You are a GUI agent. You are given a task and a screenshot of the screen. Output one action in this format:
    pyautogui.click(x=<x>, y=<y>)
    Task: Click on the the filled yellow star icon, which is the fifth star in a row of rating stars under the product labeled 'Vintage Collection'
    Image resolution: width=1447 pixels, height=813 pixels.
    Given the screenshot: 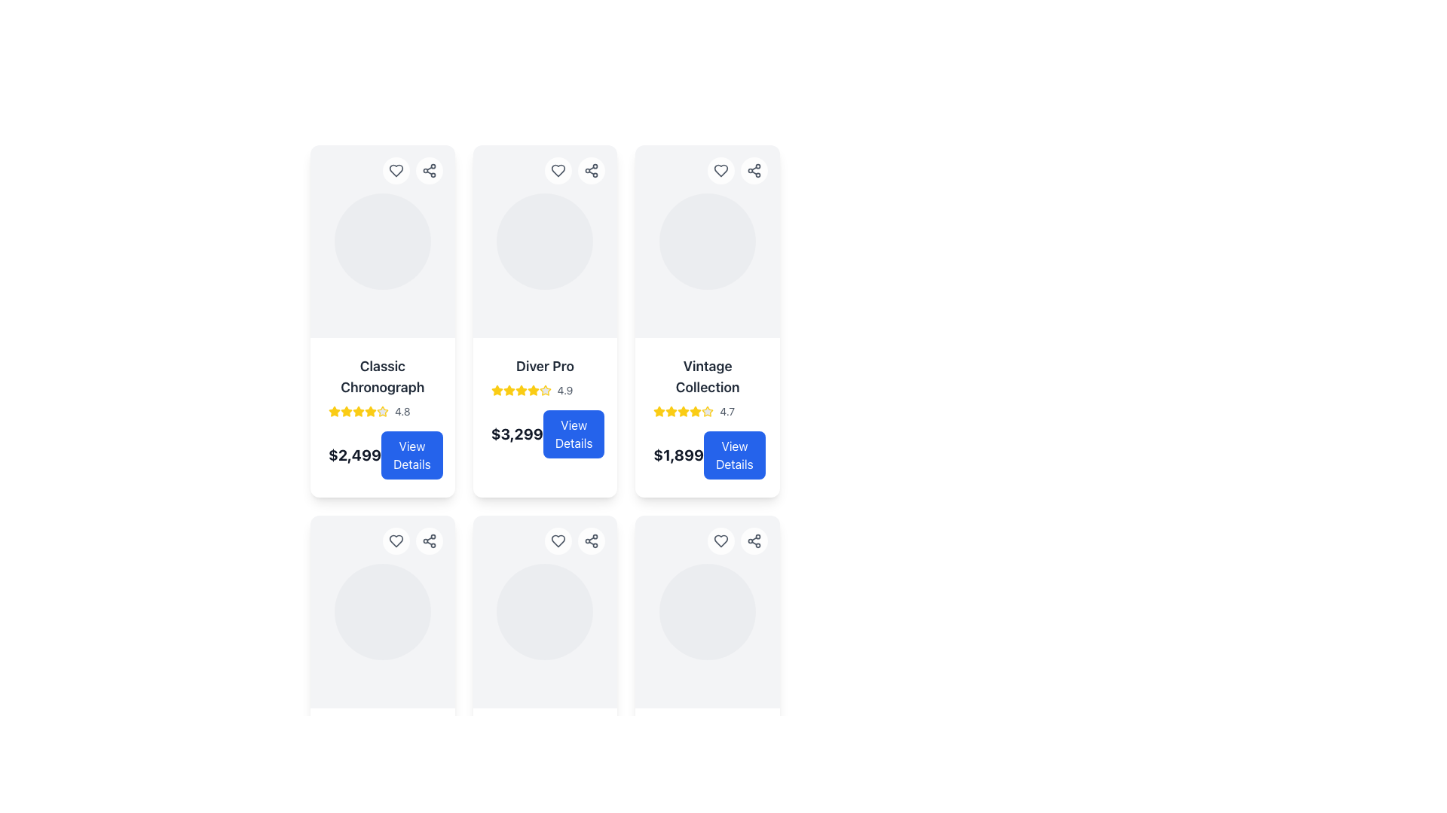 What is the action you would take?
    pyautogui.click(x=683, y=412)
    